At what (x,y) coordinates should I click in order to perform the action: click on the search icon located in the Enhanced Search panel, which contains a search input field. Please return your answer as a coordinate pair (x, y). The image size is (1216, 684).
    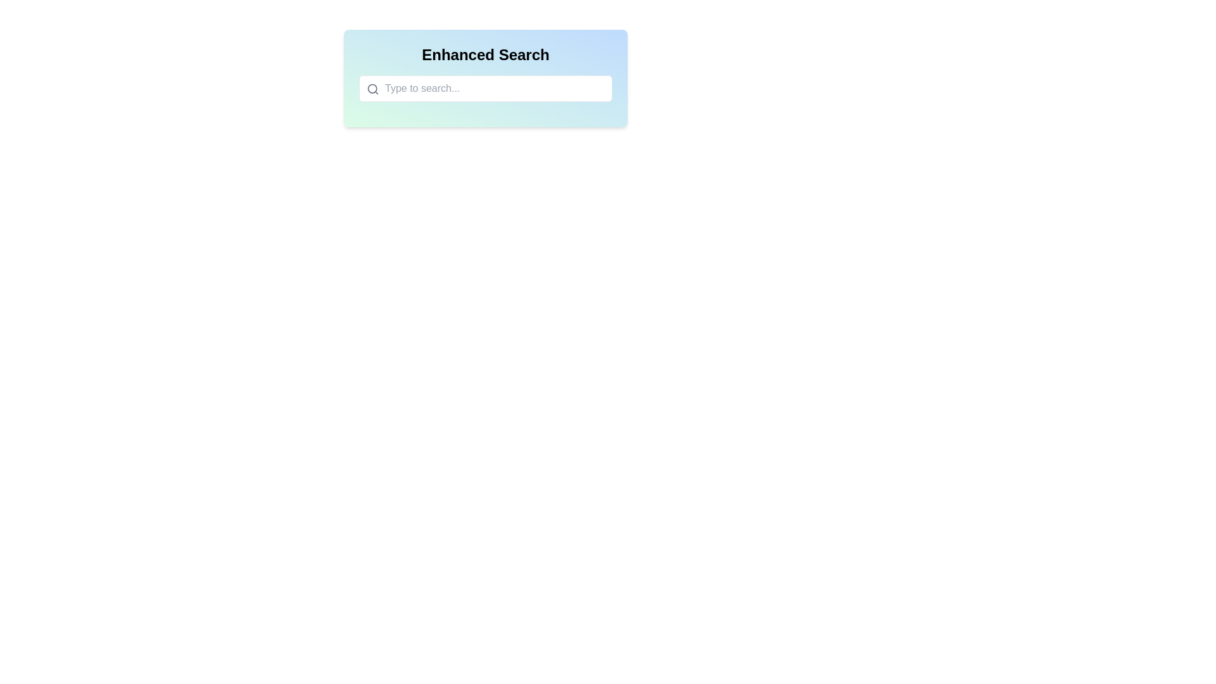
    Looking at the image, I should click on (485, 78).